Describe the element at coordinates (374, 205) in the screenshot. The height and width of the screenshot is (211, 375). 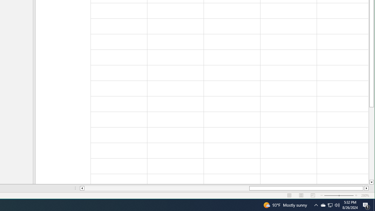
I see `'Show desktop'` at that location.